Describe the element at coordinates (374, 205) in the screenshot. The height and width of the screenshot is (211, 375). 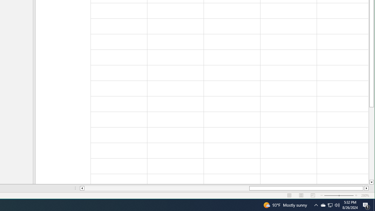
I see `'Show desktop'` at that location.